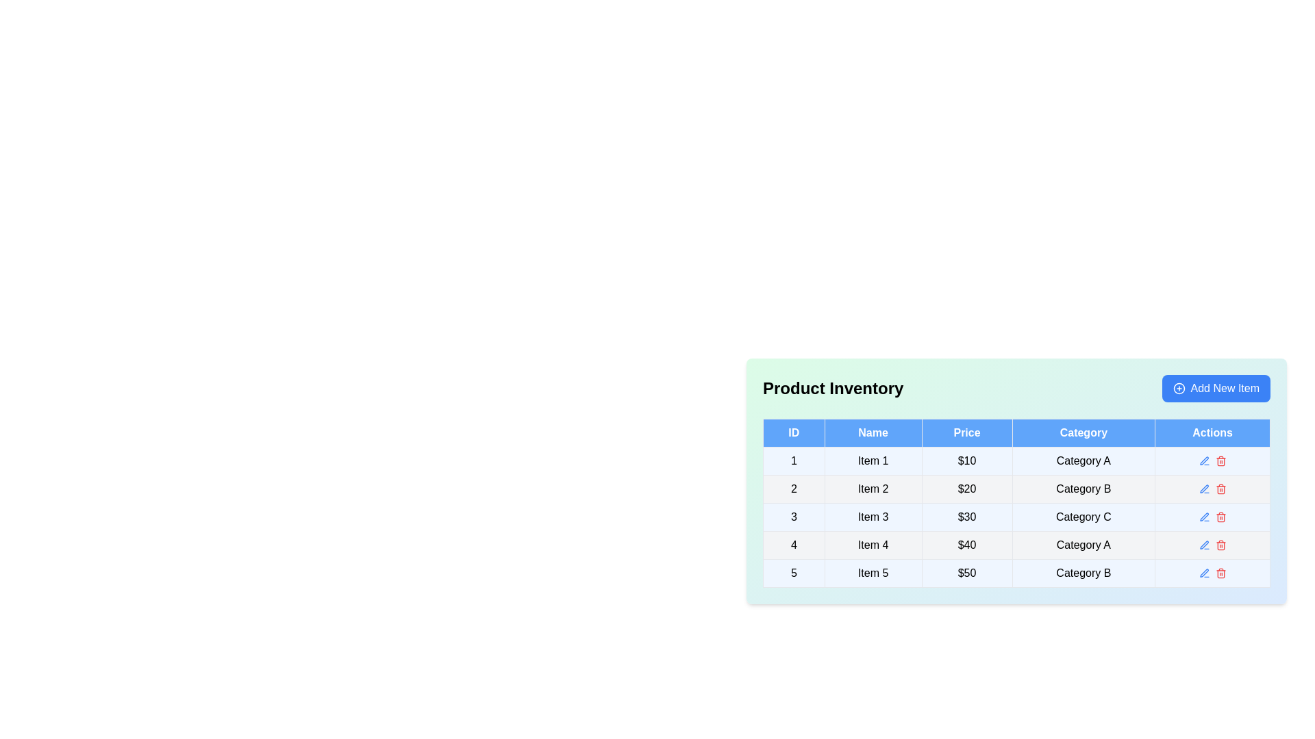 This screenshot has height=739, width=1315. What do you see at coordinates (1212, 545) in the screenshot?
I see `the table cell with action controls for 'Item 4' located in the last column of the fourth row under the 'Actions' heading` at bounding box center [1212, 545].